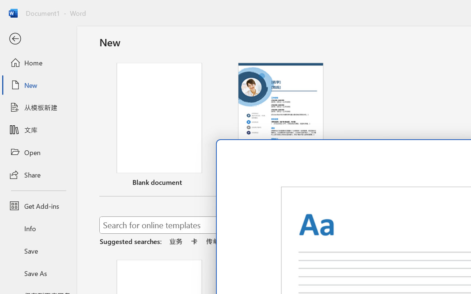 This screenshot has width=471, height=294. What do you see at coordinates (38, 39) in the screenshot?
I see `'Back'` at bounding box center [38, 39].